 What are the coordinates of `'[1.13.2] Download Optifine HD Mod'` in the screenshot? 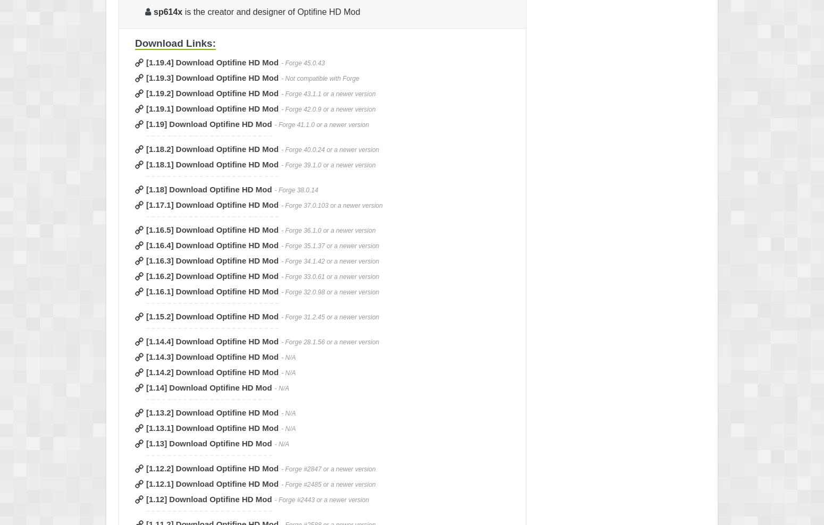 It's located at (212, 412).